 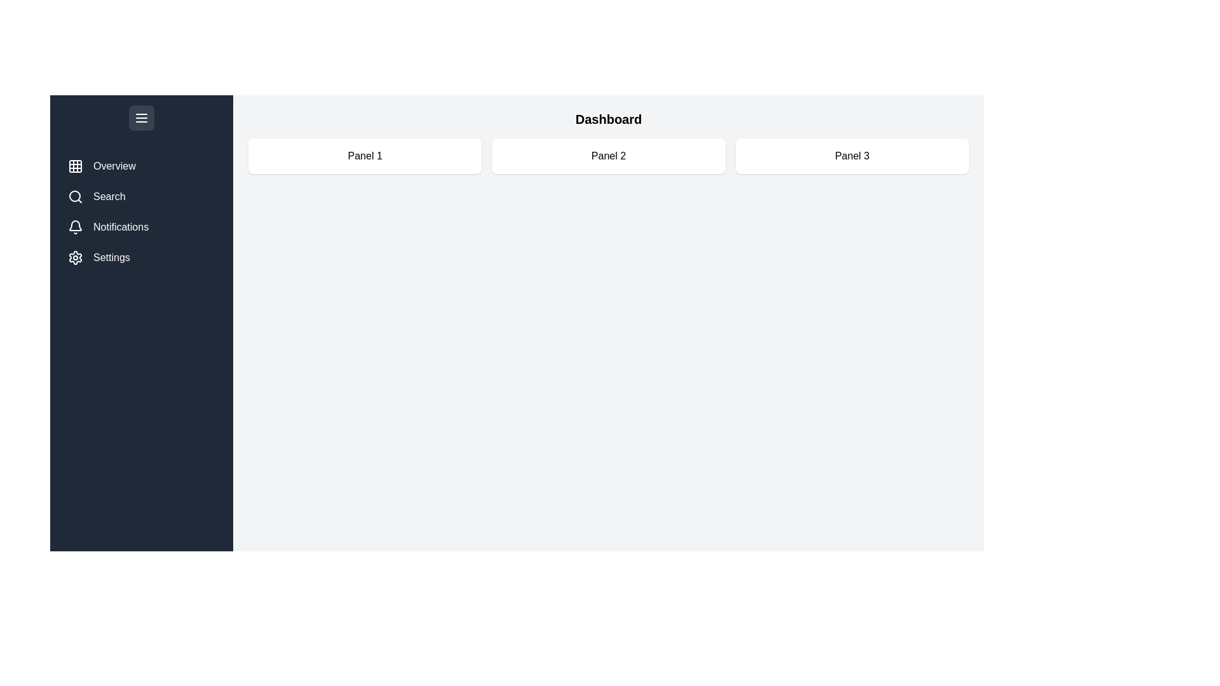 What do you see at coordinates (141, 227) in the screenshot?
I see `the menu item Notifications to observe its hover effect` at bounding box center [141, 227].